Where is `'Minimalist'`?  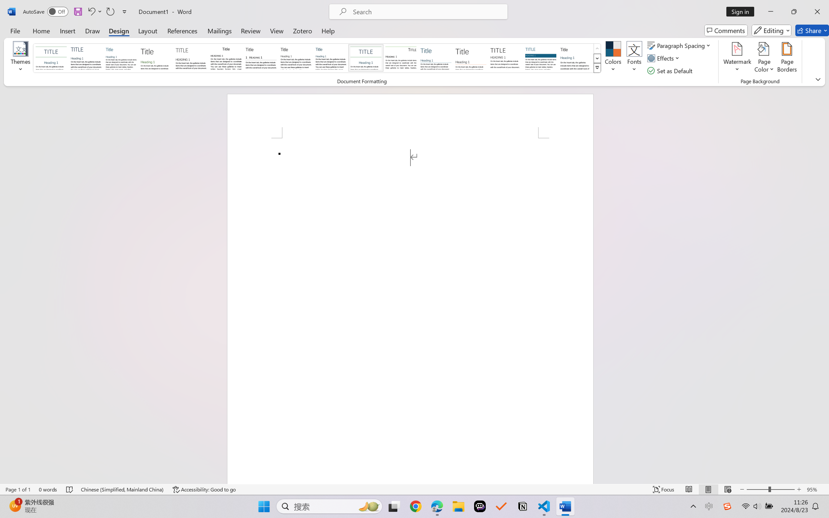 'Minimalist' is located at coordinates (505, 58).